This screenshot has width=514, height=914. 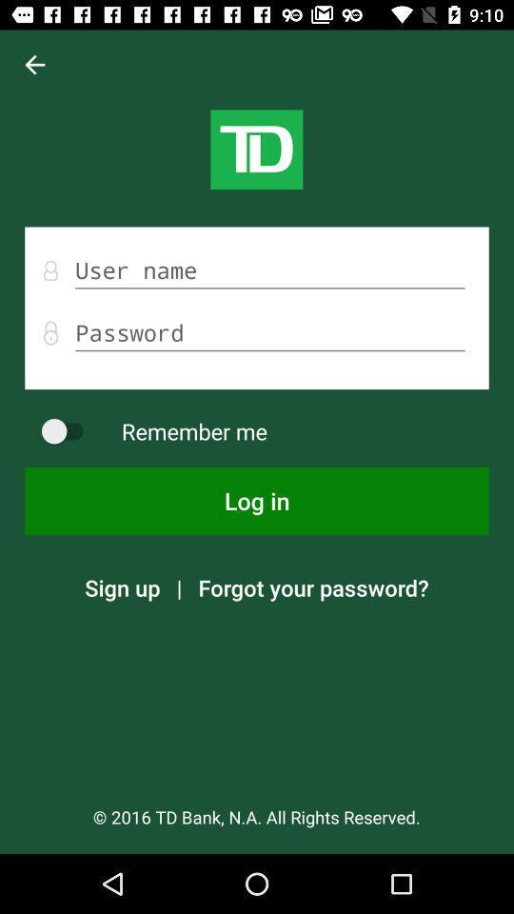 What do you see at coordinates (313, 586) in the screenshot?
I see `the icon next to the | item` at bounding box center [313, 586].